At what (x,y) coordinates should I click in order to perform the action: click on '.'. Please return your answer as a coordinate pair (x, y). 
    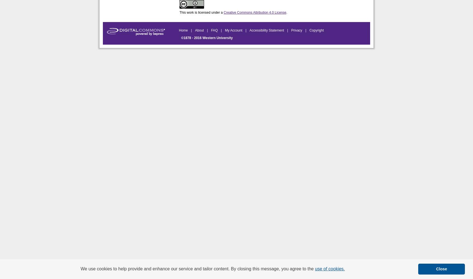
    Looking at the image, I should click on (286, 13).